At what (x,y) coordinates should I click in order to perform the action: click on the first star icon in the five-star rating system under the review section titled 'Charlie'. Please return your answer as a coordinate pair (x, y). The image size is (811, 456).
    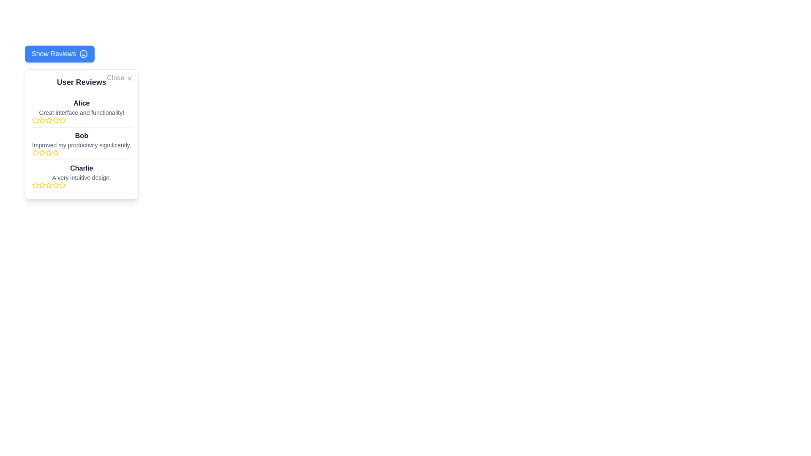
    Looking at the image, I should click on (42, 185).